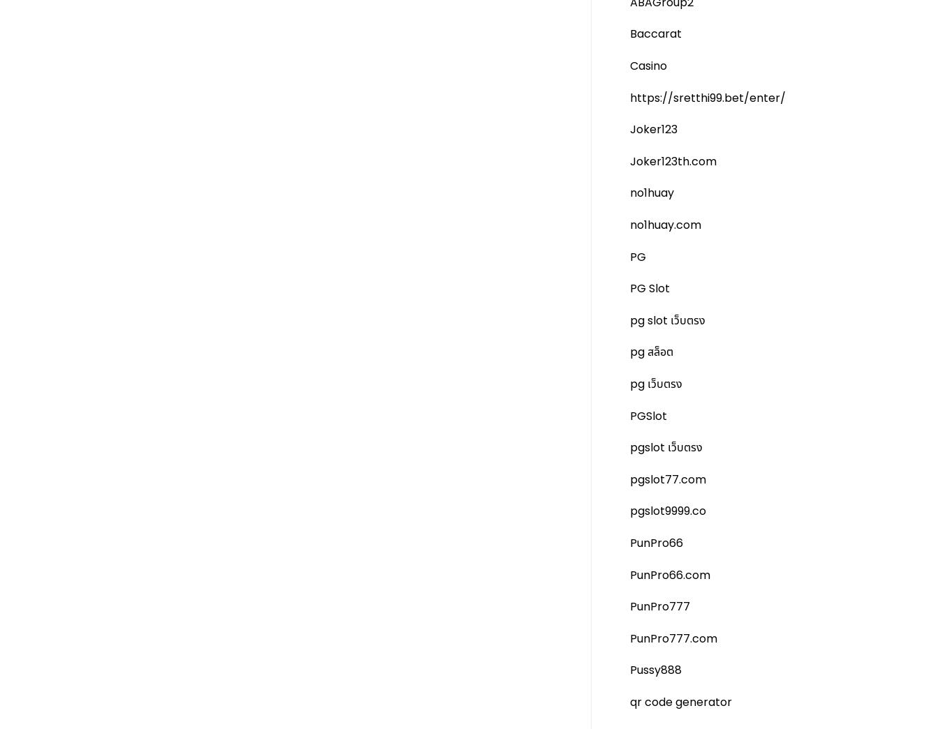 The height and width of the screenshot is (729, 943). Describe the element at coordinates (648, 414) in the screenshot. I see `'PGSlot'` at that location.